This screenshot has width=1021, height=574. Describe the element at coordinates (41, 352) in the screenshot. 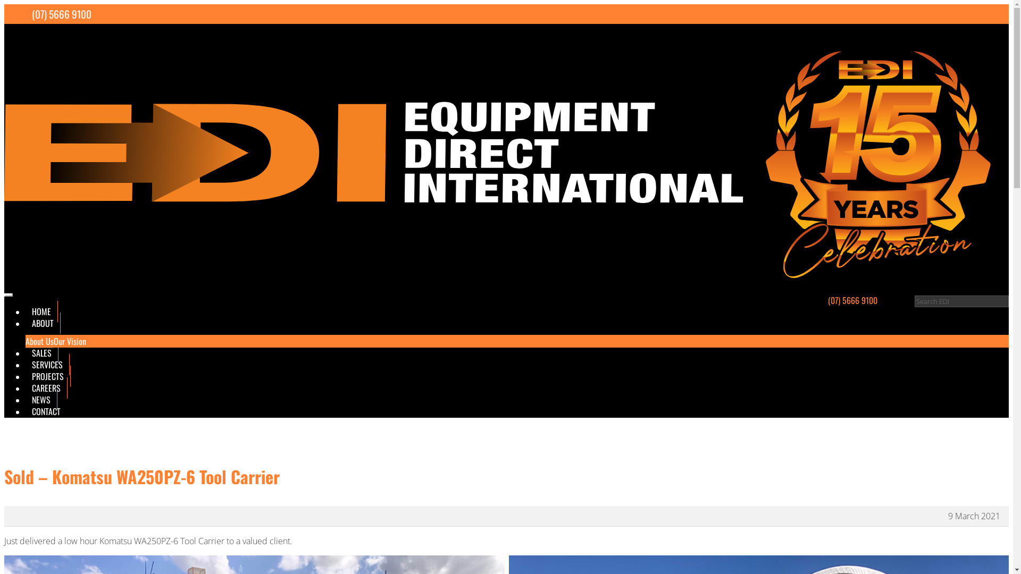

I see `'SALES'` at that location.